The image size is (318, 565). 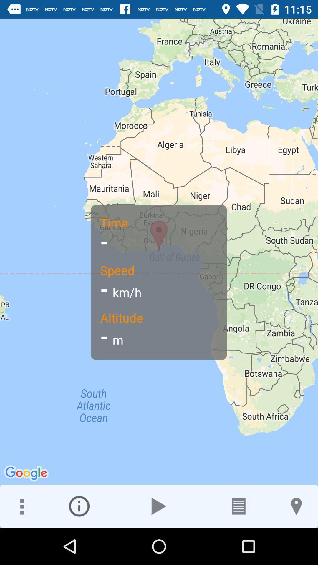 What do you see at coordinates (21, 506) in the screenshot?
I see `the more icon` at bounding box center [21, 506].